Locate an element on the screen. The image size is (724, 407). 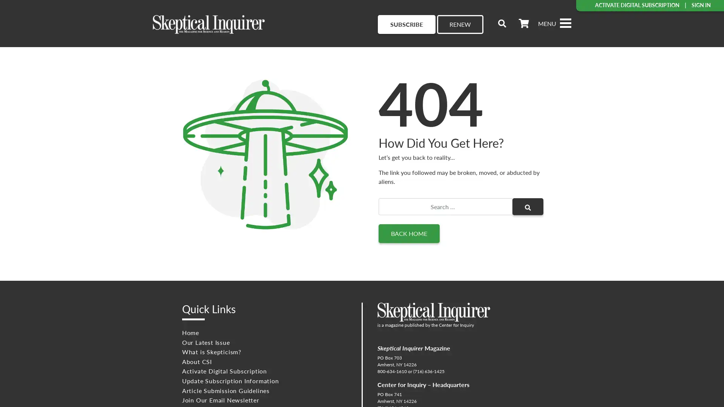
SUBSCRIBE is located at coordinates (406, 24).